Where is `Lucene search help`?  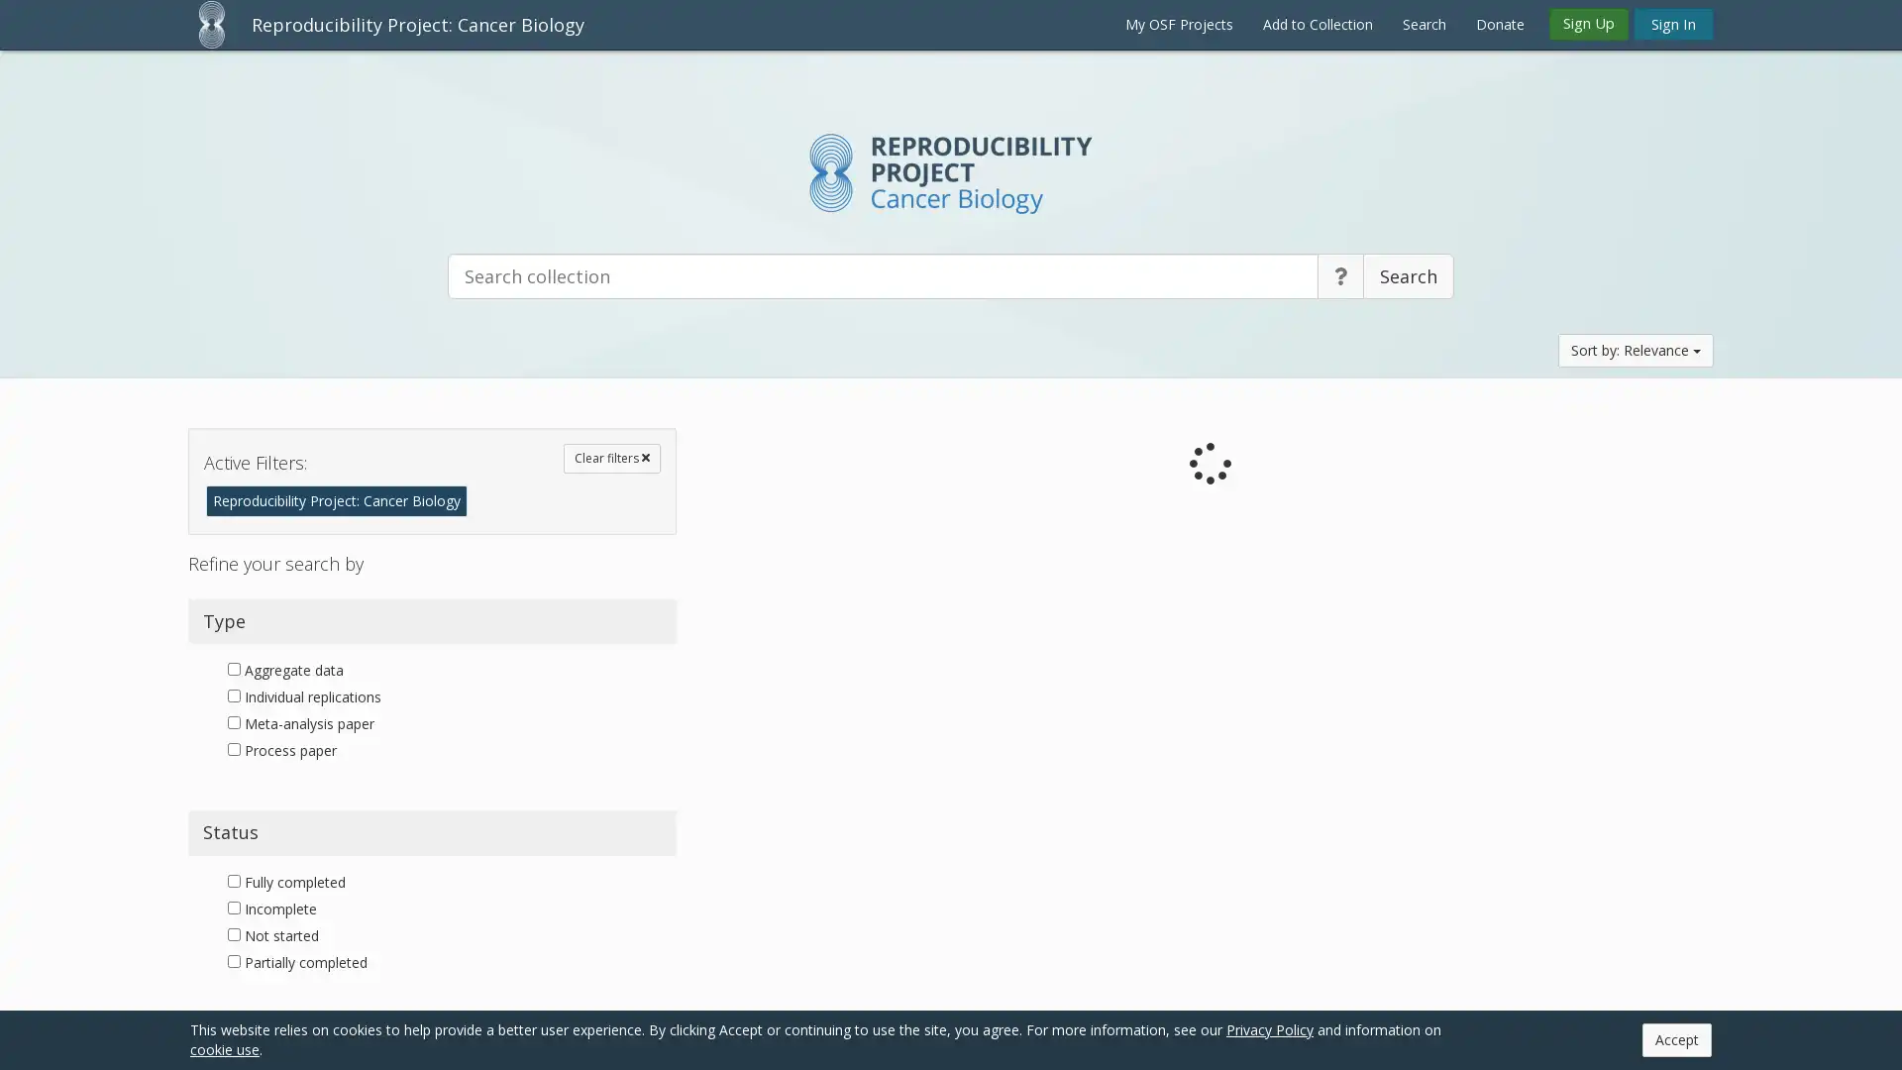
Lucene search help is located at coordinates (1340, 275).